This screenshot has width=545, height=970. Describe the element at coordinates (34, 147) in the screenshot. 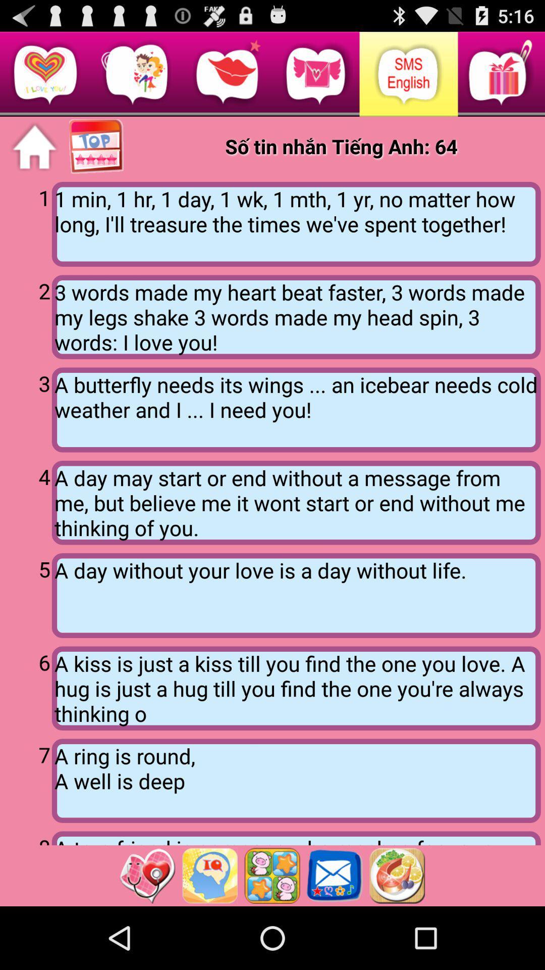

I see `go home` at that location.